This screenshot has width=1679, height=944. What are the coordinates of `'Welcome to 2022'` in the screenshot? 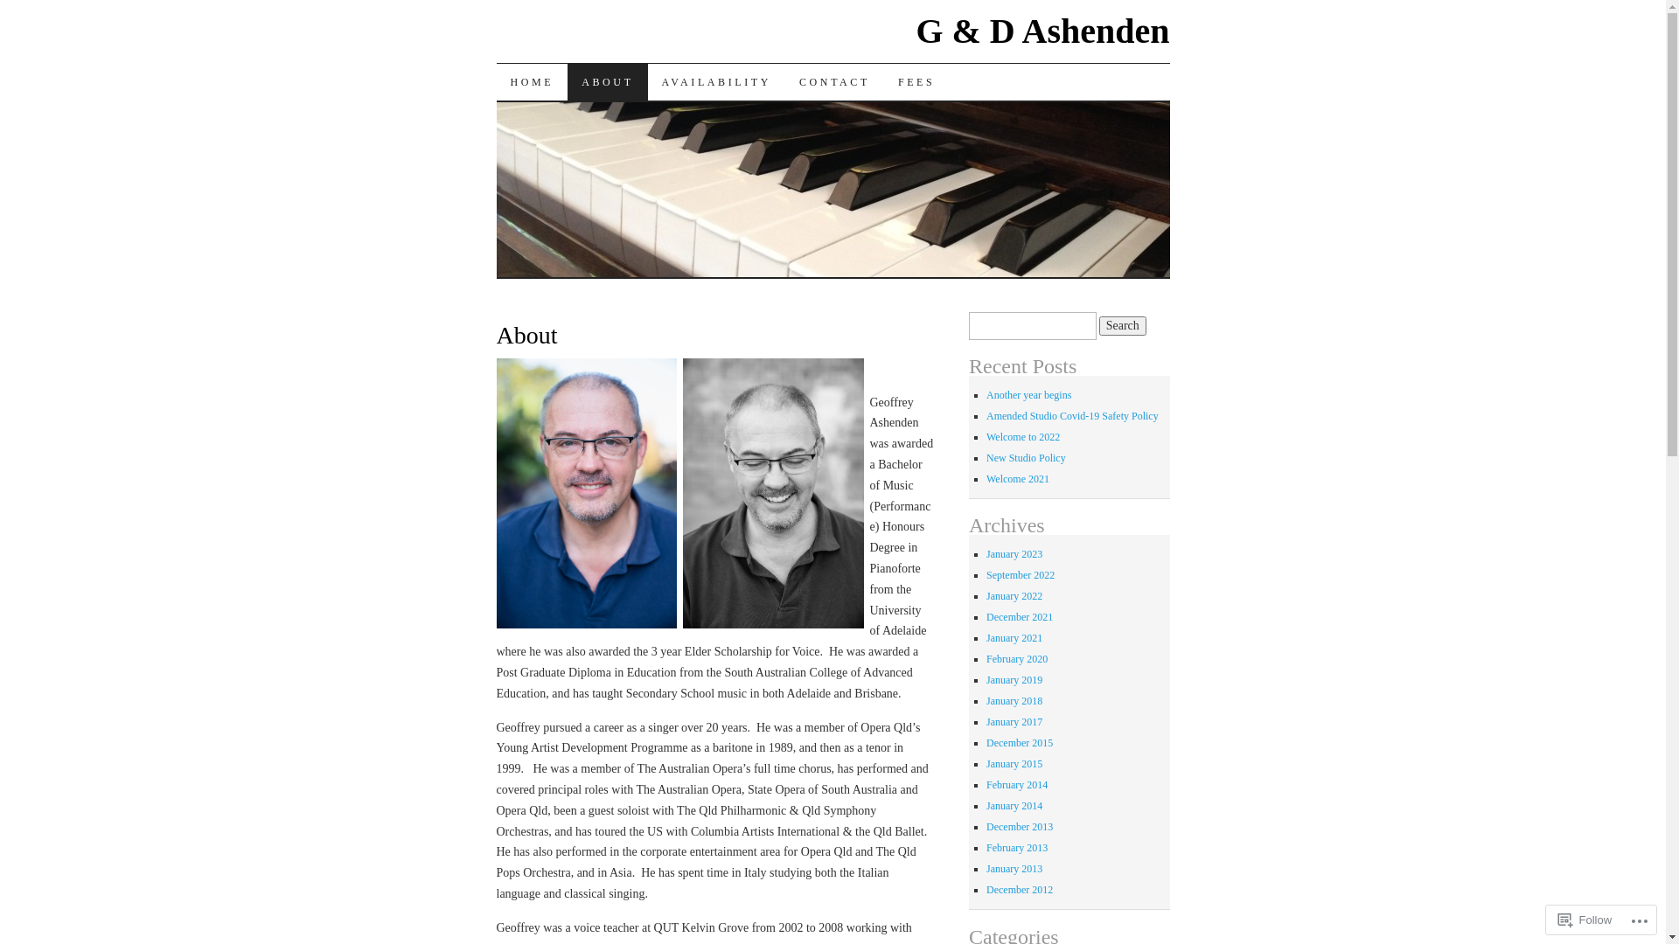 It's located at (986, 436).